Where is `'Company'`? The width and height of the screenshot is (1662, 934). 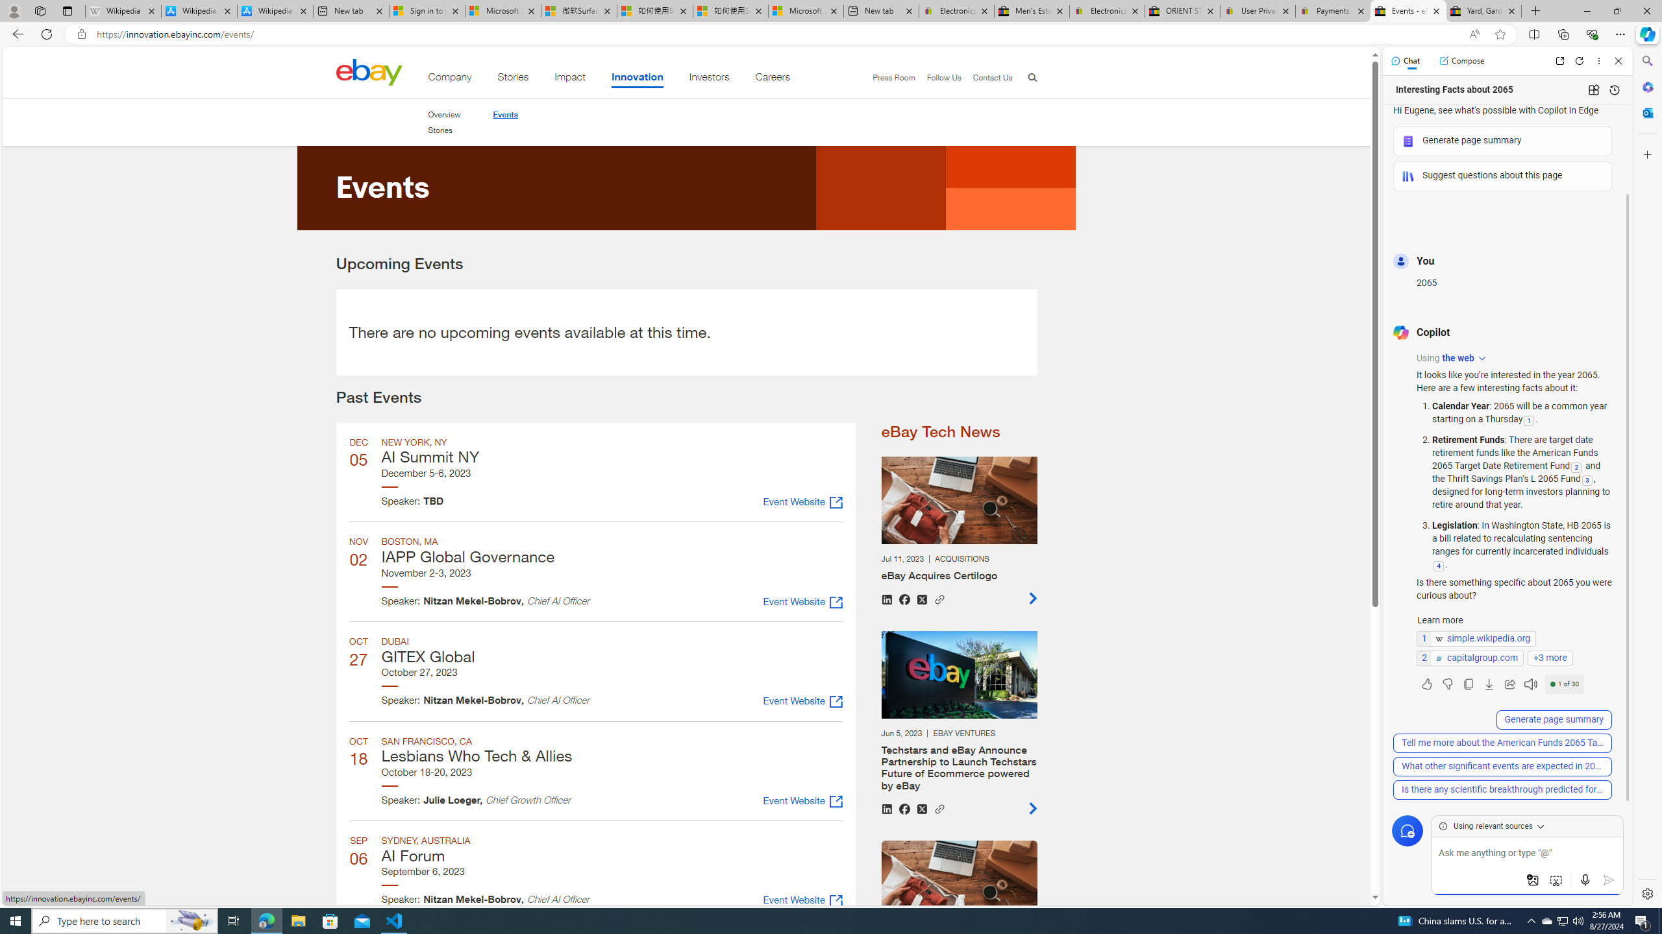 'Company' is located at coordinates (449, 79).